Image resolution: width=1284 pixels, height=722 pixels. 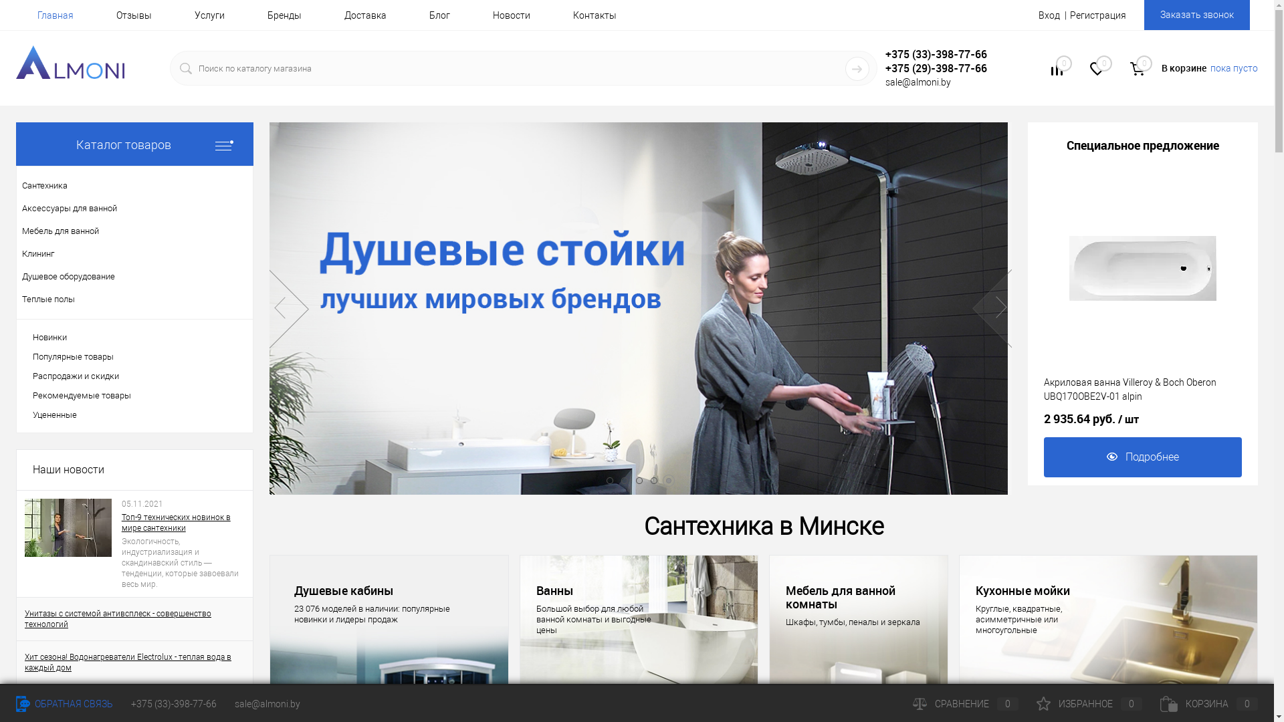 What do you see at coordinates (234, 703) in the screenshot?
I see `'sale@almoni.by'` at bounding box center [234, 703].